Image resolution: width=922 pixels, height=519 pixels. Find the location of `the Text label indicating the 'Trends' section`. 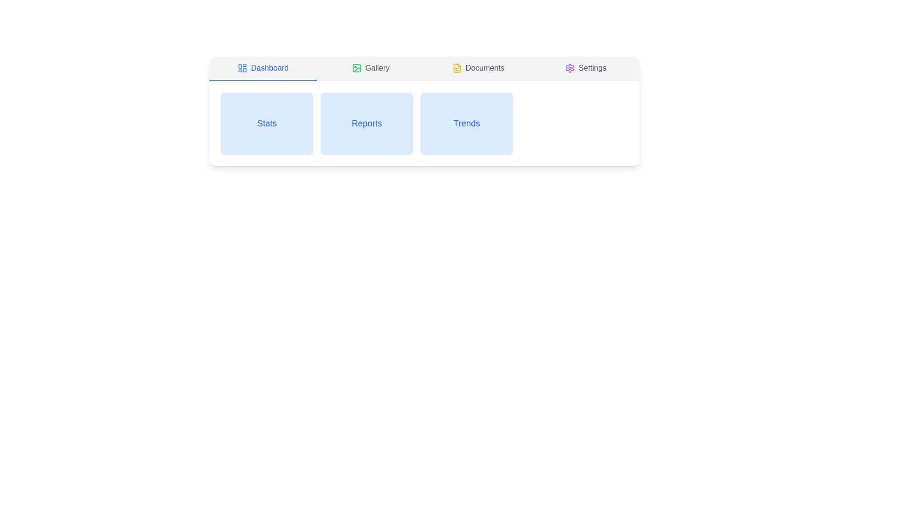

the Text label indicating the 'Trends' section is located at coordinates (466, 123).